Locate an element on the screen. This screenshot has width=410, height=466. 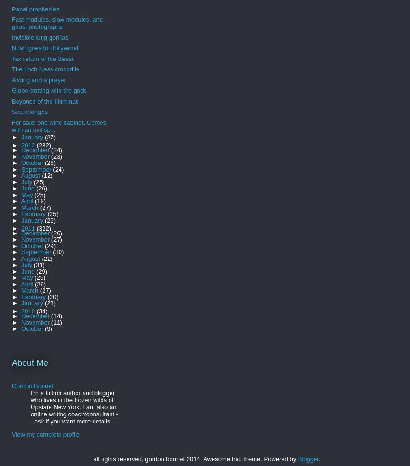
'(322)' is located at coordinates (43, 228).